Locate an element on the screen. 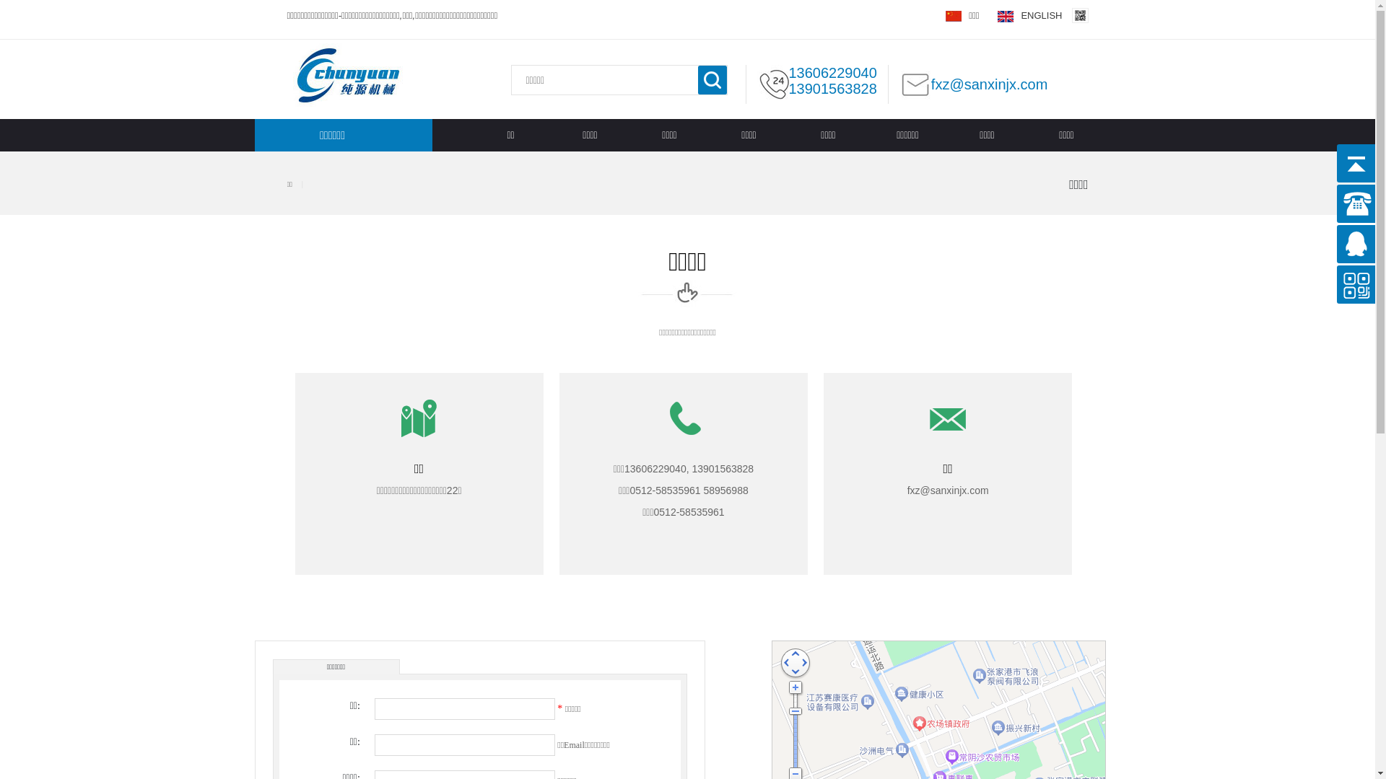 The height and width of the screenshot is (779, 1386). 'ENGLISH' is located at coordinates (1029, 15).